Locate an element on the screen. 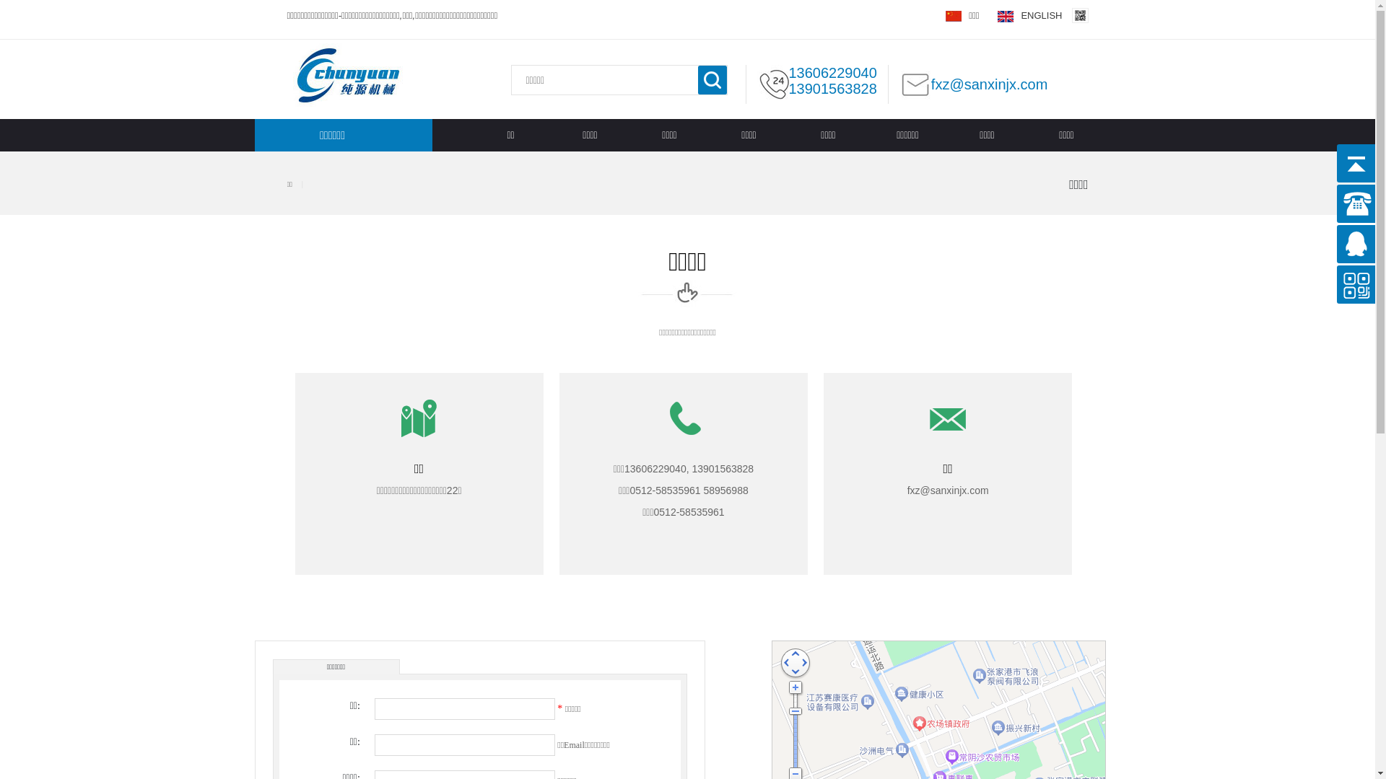 The height and width of the screenshot is (779, 1386). 'ENGLISH' is located at coordinates (1029, 15).